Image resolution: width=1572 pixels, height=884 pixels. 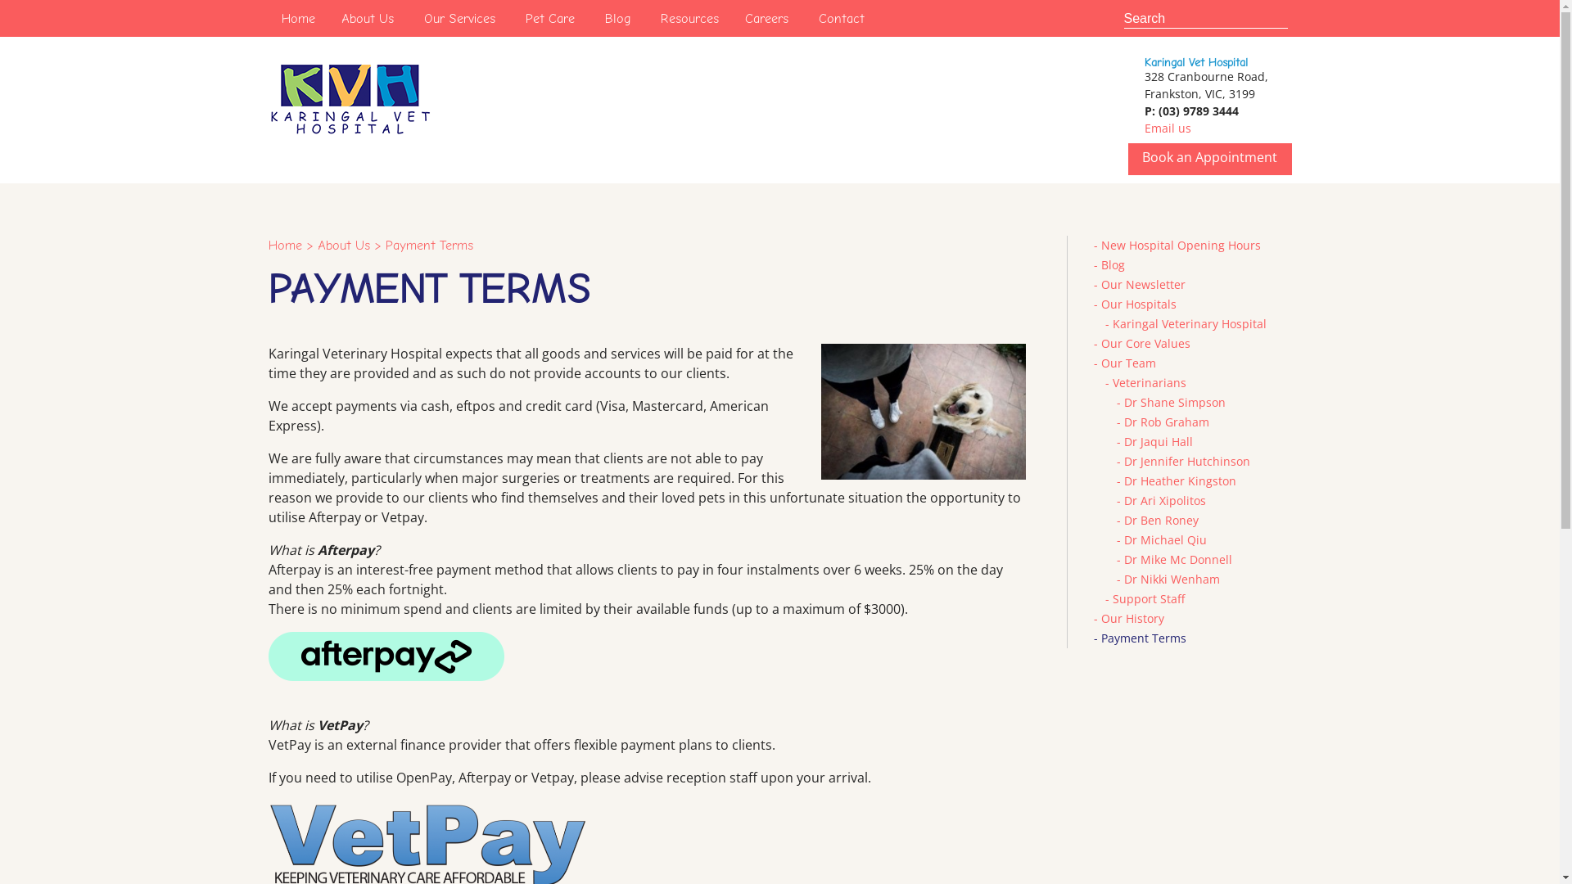 I want to click on 'Dr Shane Simpson', so click(x=1173, y=402).